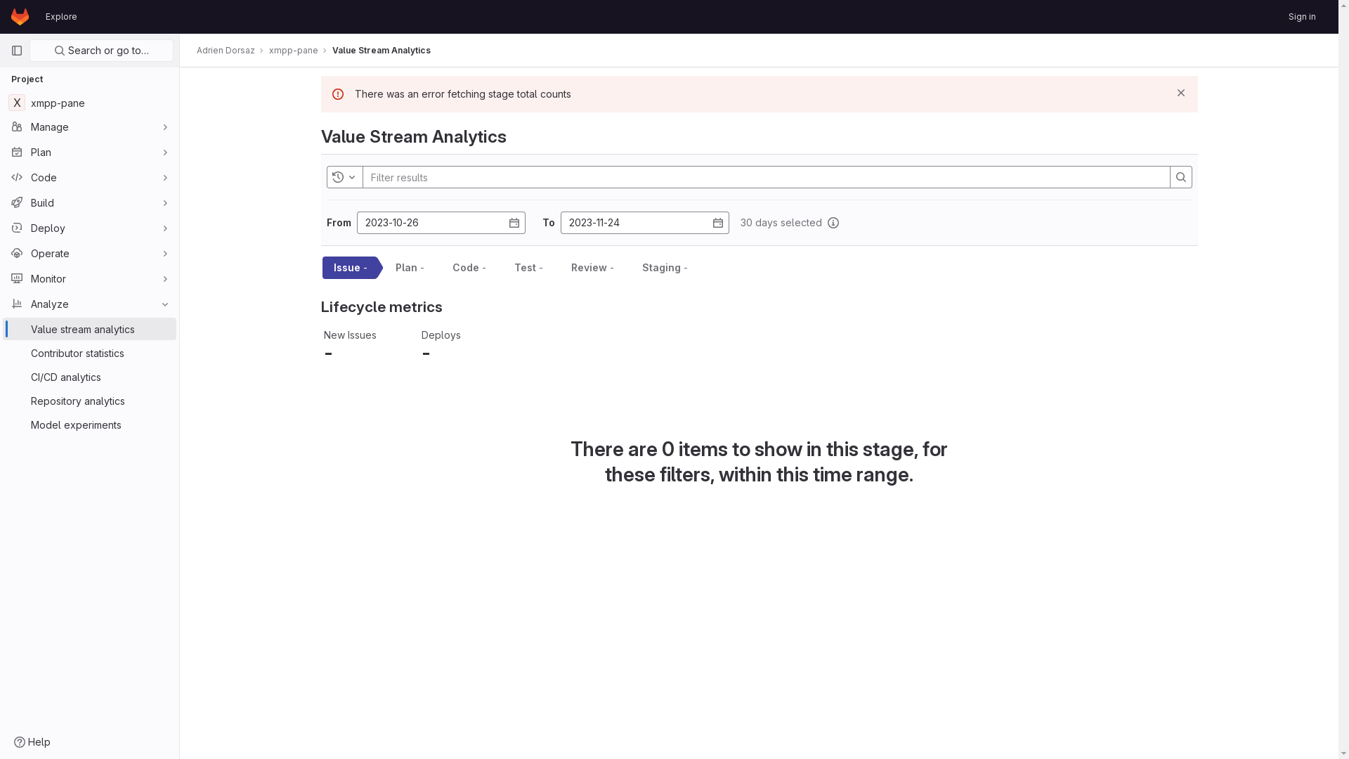  Describe the element at coordinates (292, 50) in the screenshot. I see `'xmpp-pane'` at that location.